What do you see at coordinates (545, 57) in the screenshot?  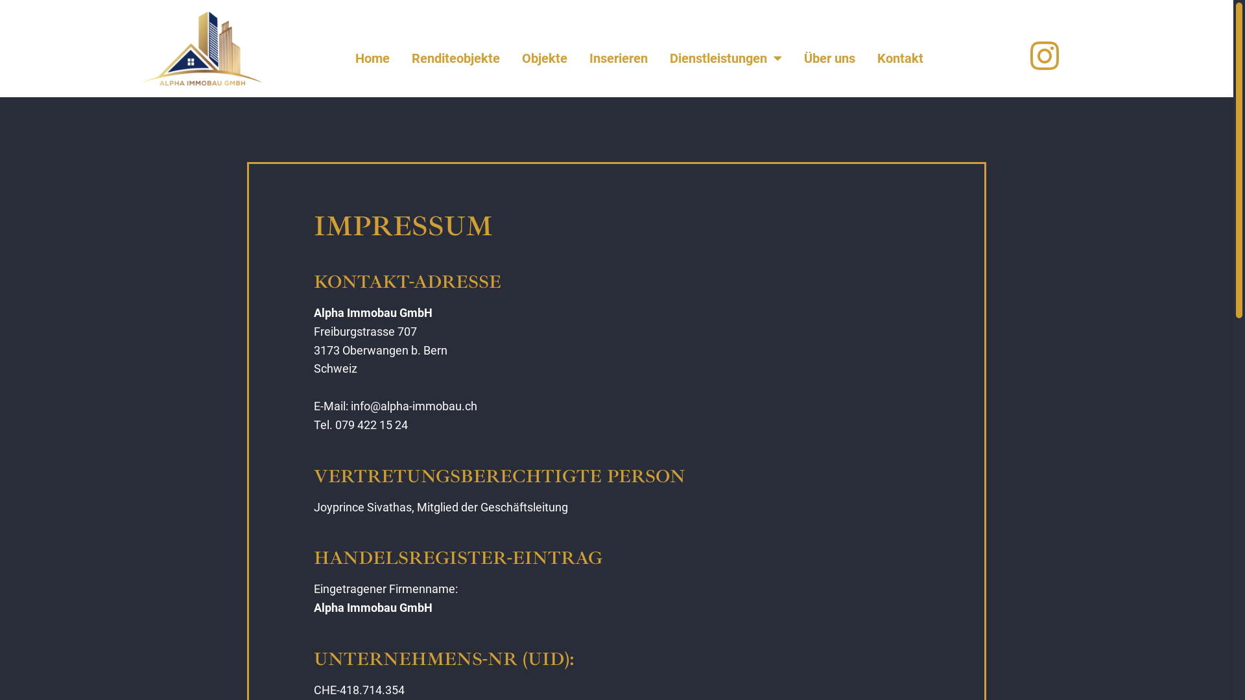 I see `'Objekte'` at bounding box center [545, 57].